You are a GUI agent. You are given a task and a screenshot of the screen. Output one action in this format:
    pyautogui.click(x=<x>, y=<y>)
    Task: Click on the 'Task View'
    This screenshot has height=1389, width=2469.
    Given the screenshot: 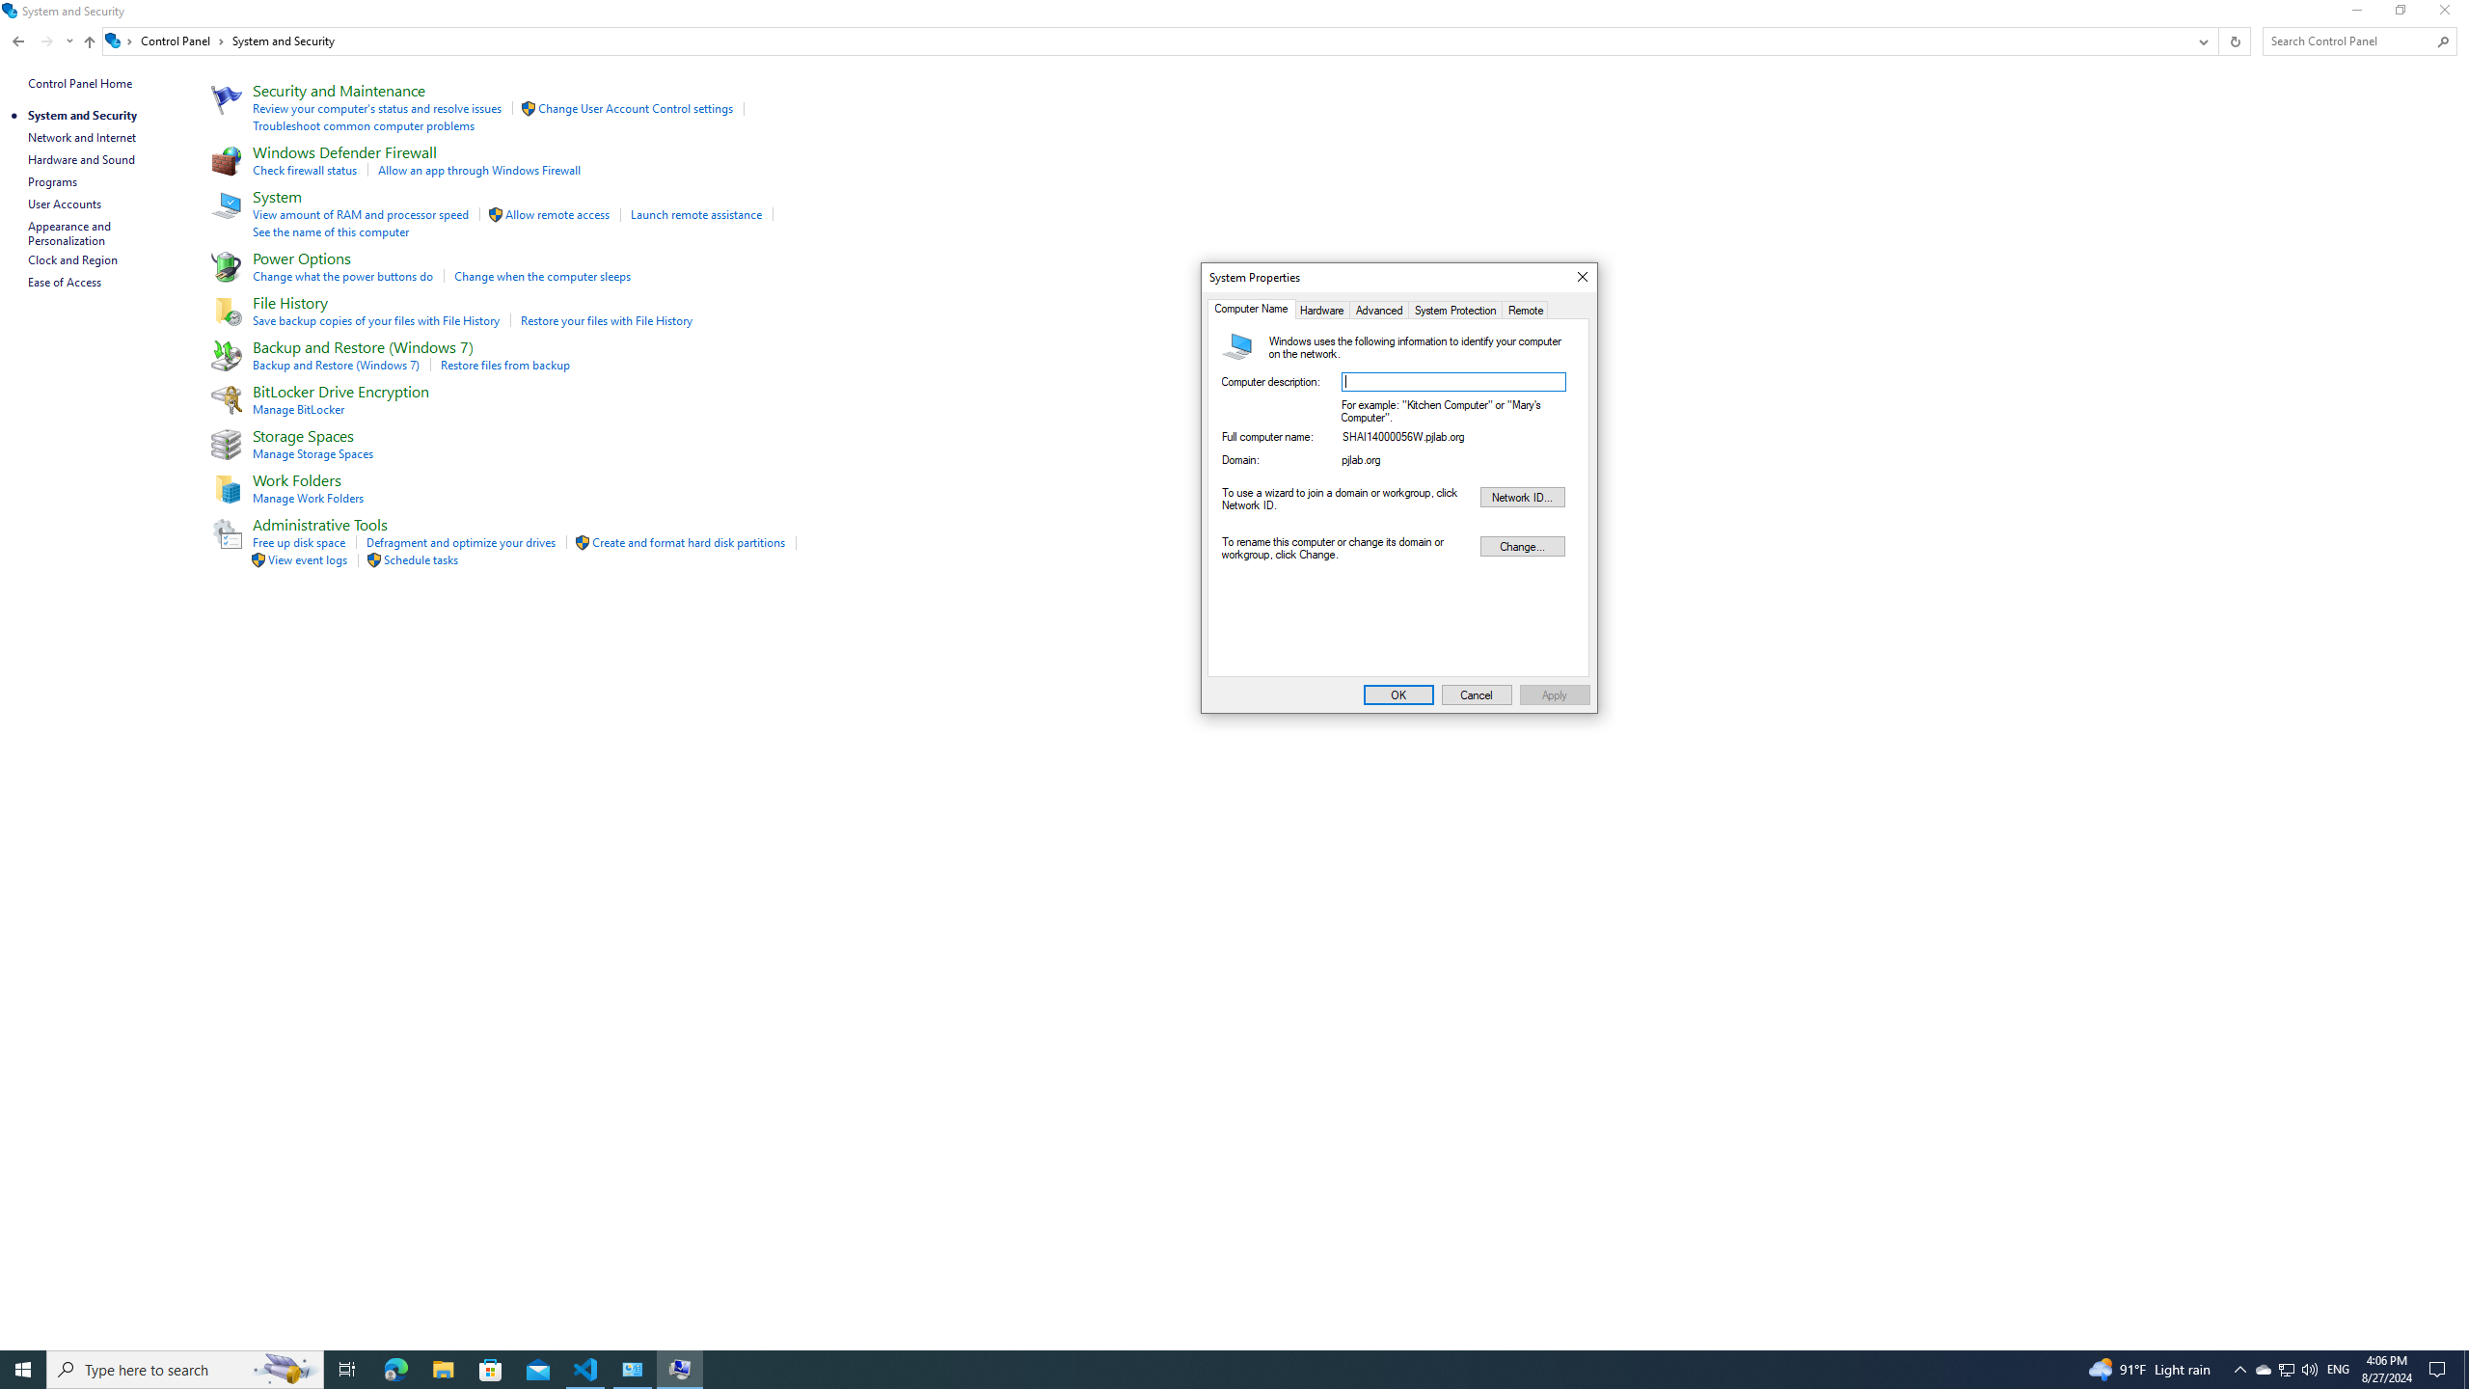 What is the action you would take?
    pyautogui.click(x=345, y=1368)
    